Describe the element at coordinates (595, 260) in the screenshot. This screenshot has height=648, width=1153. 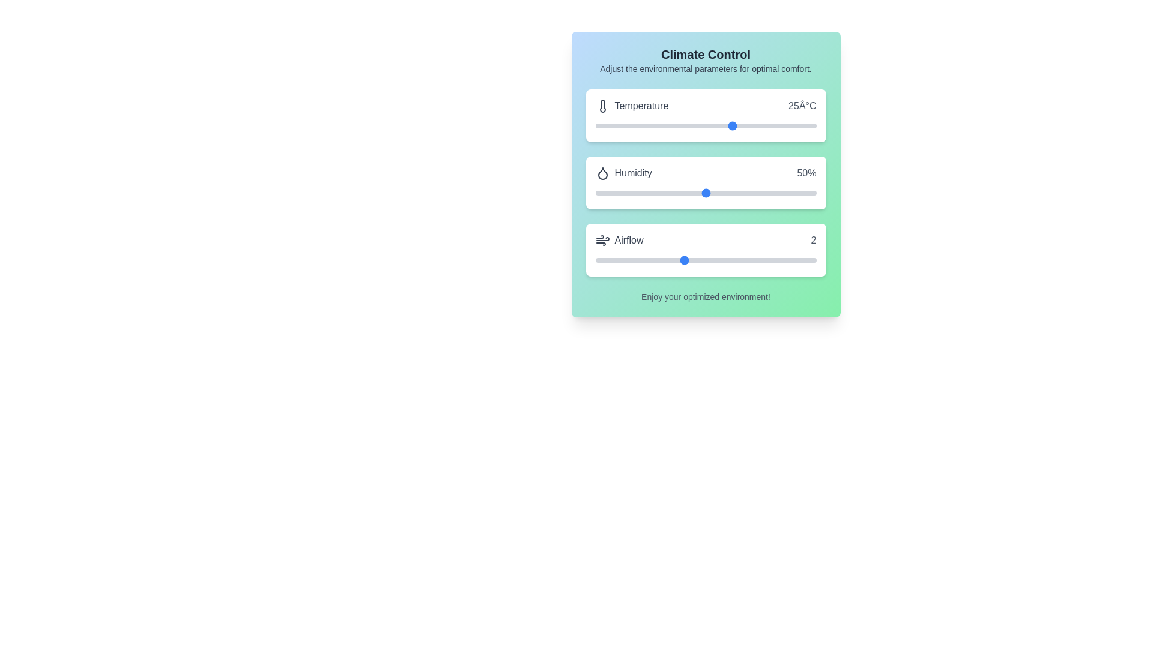
I see `the Airflow slider to 0` at that location.